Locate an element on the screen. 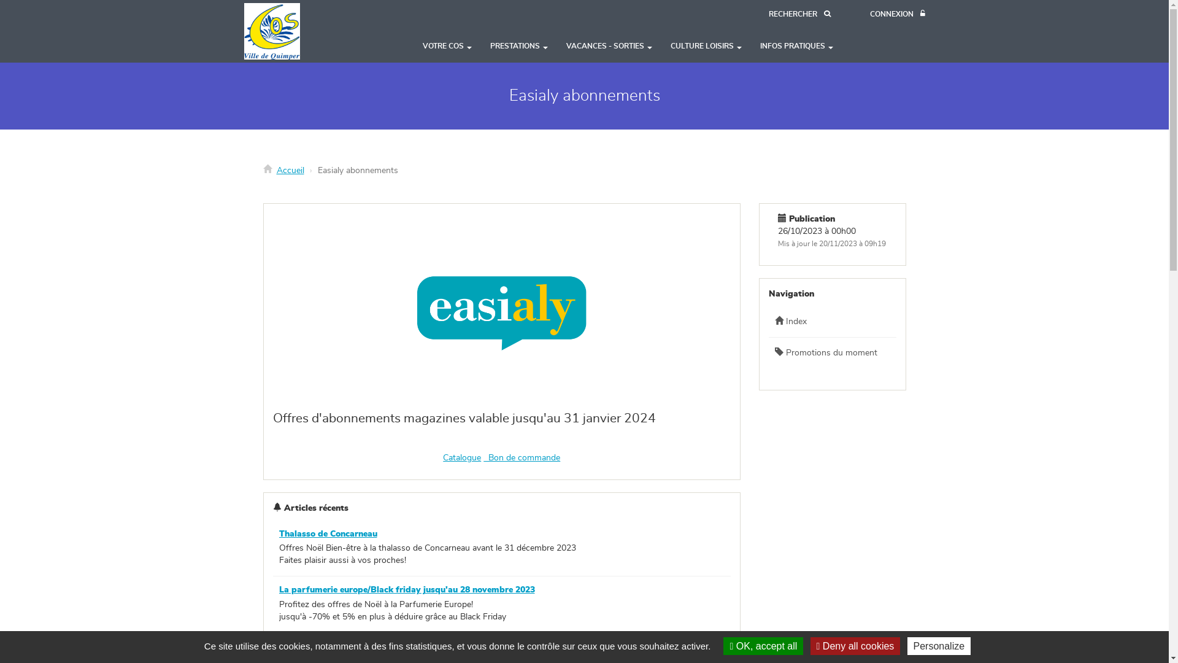  'CONNEXION' is located at coordinates (869, 14).